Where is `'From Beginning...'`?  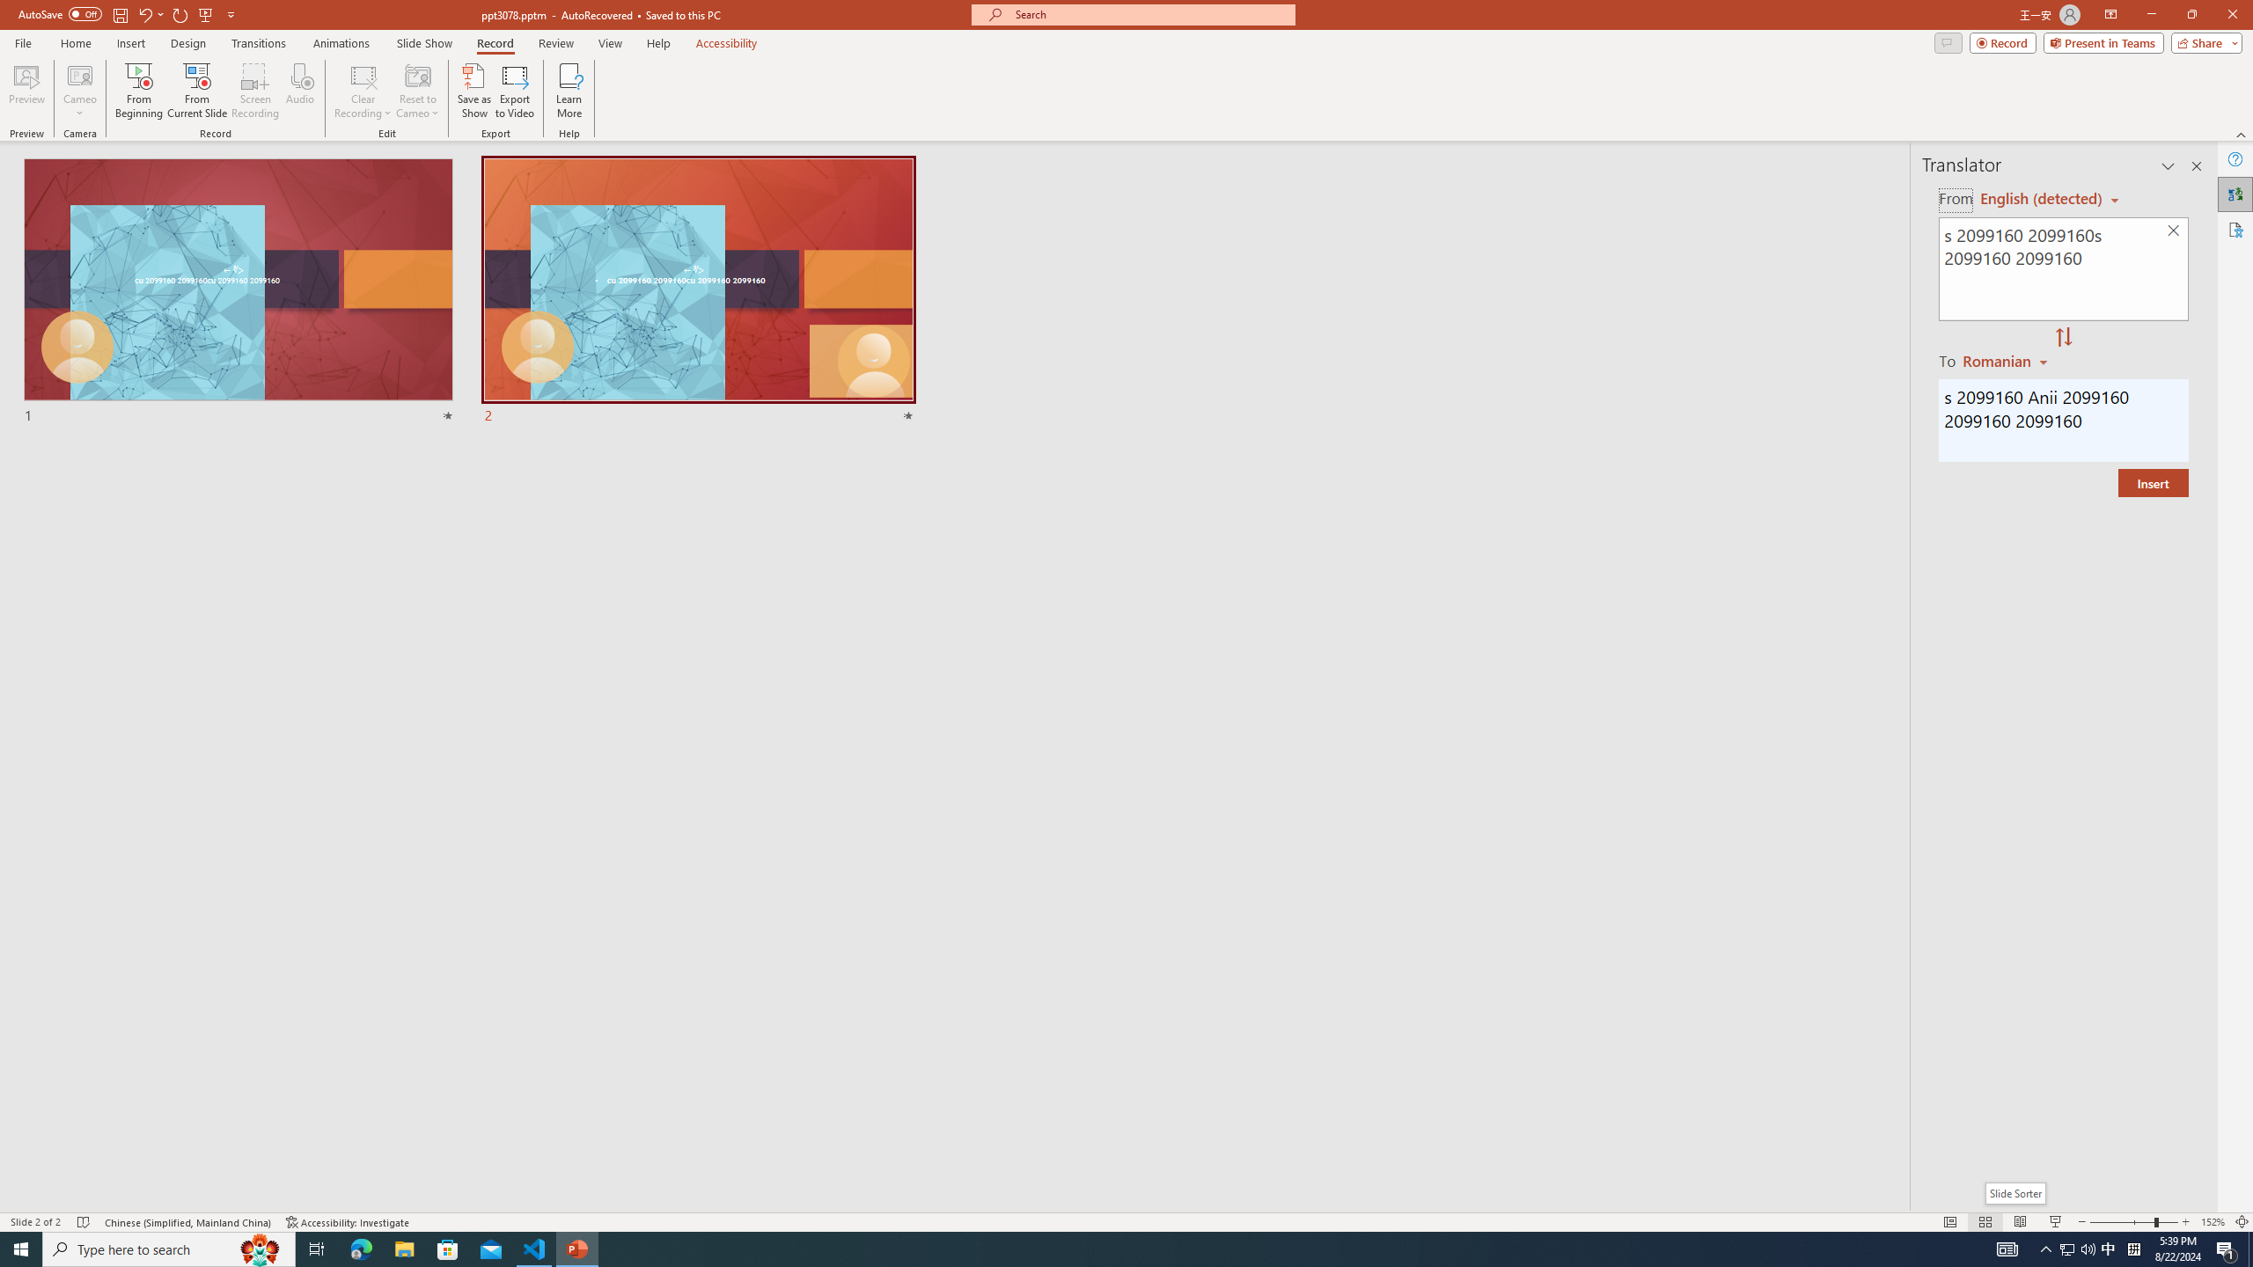
'From Beginning...' is located at coordinates (137, 91).